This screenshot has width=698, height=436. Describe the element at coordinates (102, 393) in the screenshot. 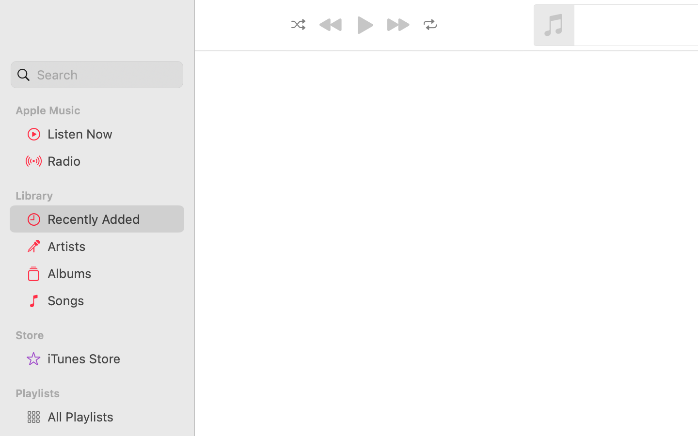

I see `'Playlists'` at that location.